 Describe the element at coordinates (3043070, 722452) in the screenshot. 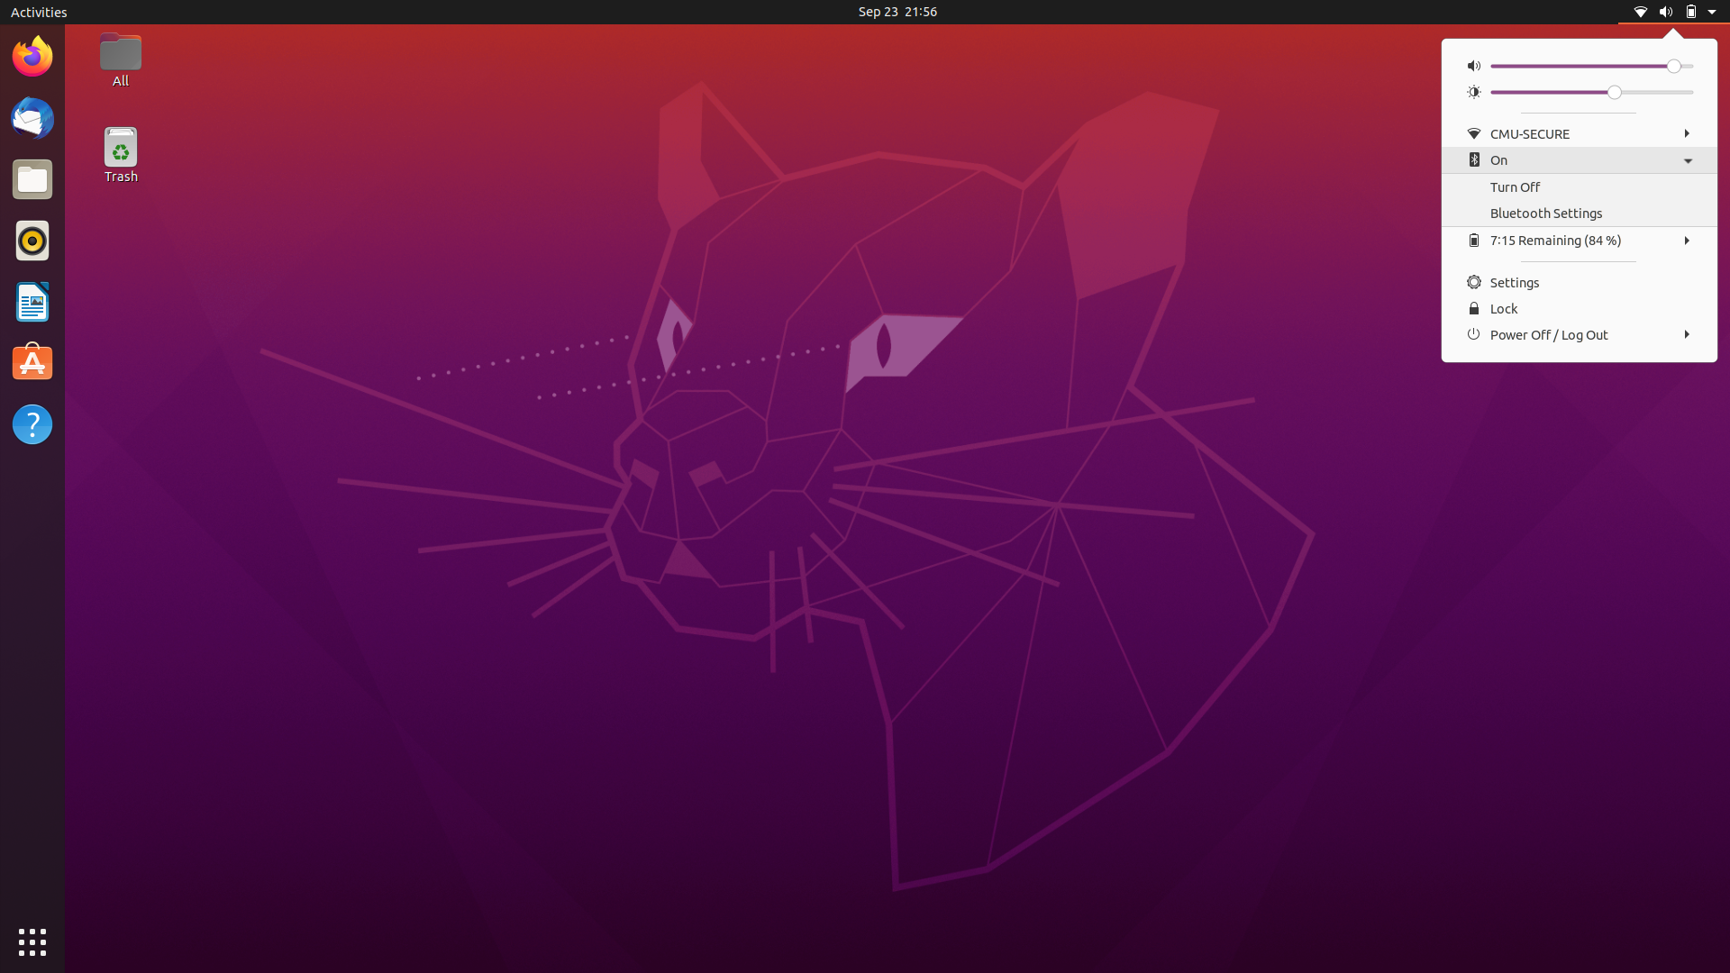

I see `the right-click menu on the desktop` at that location.